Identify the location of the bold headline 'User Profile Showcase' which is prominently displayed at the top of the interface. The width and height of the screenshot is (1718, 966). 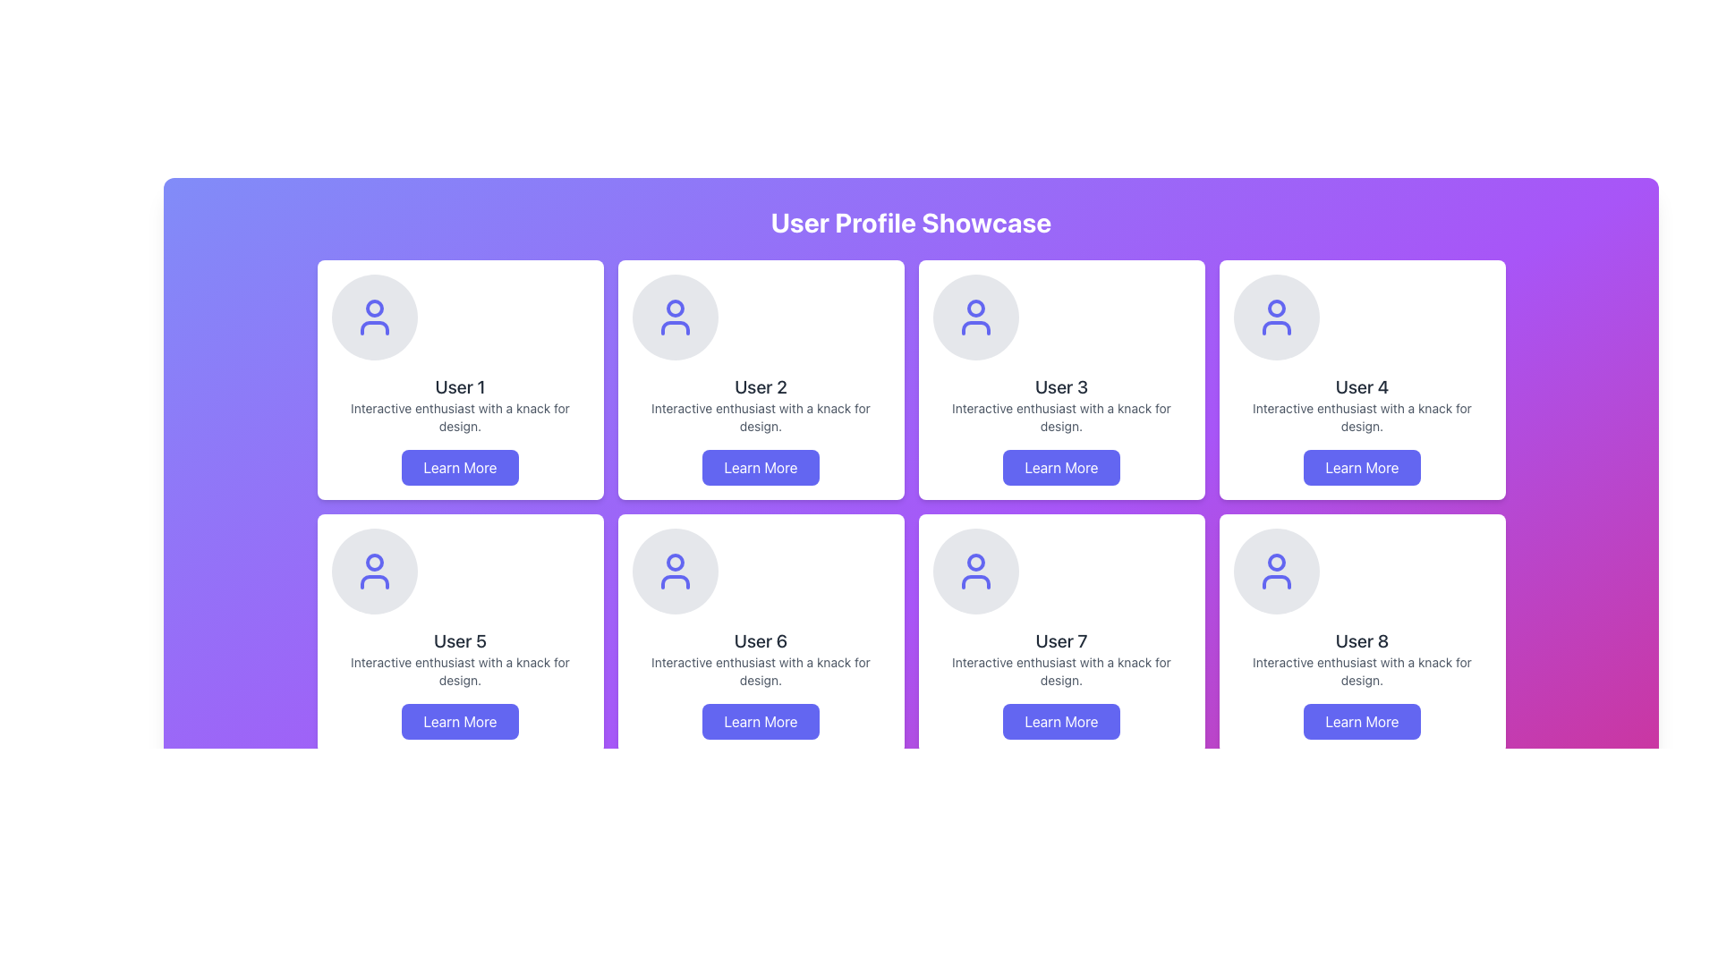
(911, 222).